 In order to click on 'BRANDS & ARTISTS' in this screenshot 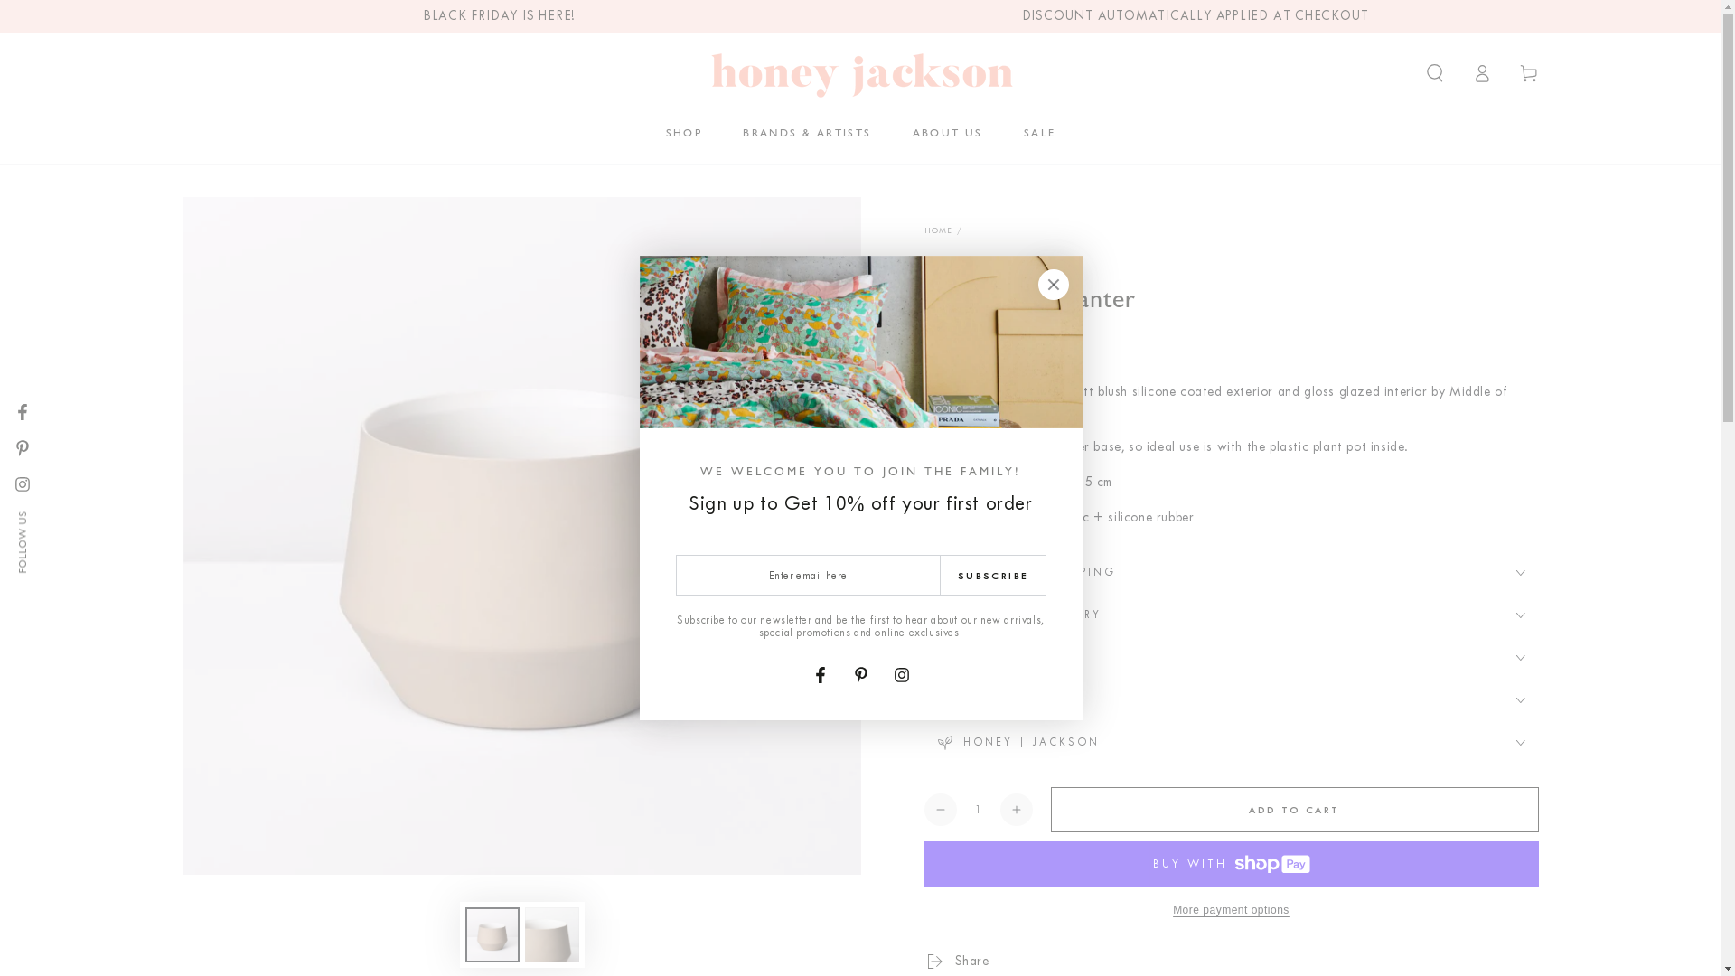, I will do `click(805, 131)`.